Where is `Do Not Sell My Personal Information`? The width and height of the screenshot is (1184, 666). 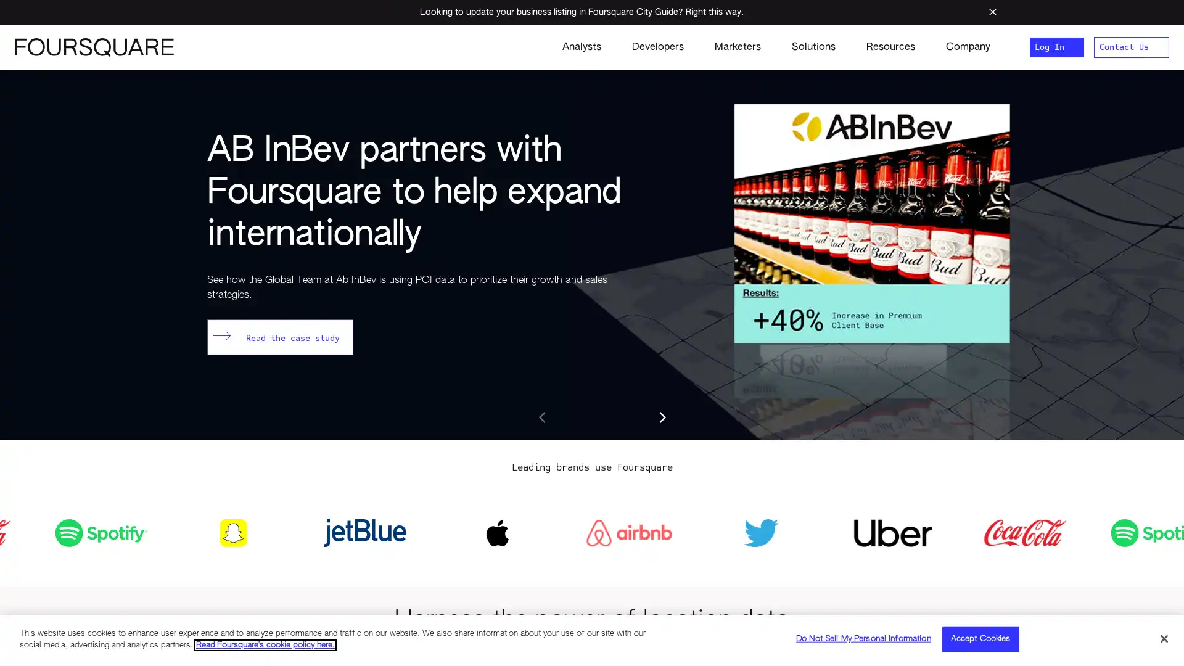 Do Not Sell My Personal Information is located at coordinates (863, 638).